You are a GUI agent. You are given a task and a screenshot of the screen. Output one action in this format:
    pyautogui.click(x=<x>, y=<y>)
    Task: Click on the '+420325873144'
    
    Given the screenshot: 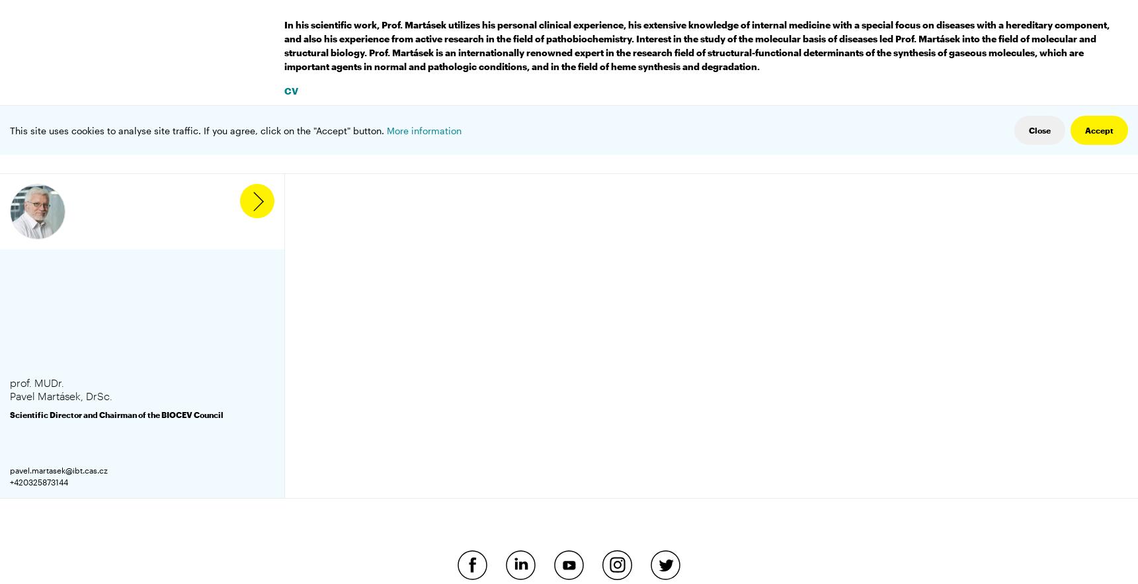 What is the action you would take?
    pyautogui.click(x=38, y=481)
    